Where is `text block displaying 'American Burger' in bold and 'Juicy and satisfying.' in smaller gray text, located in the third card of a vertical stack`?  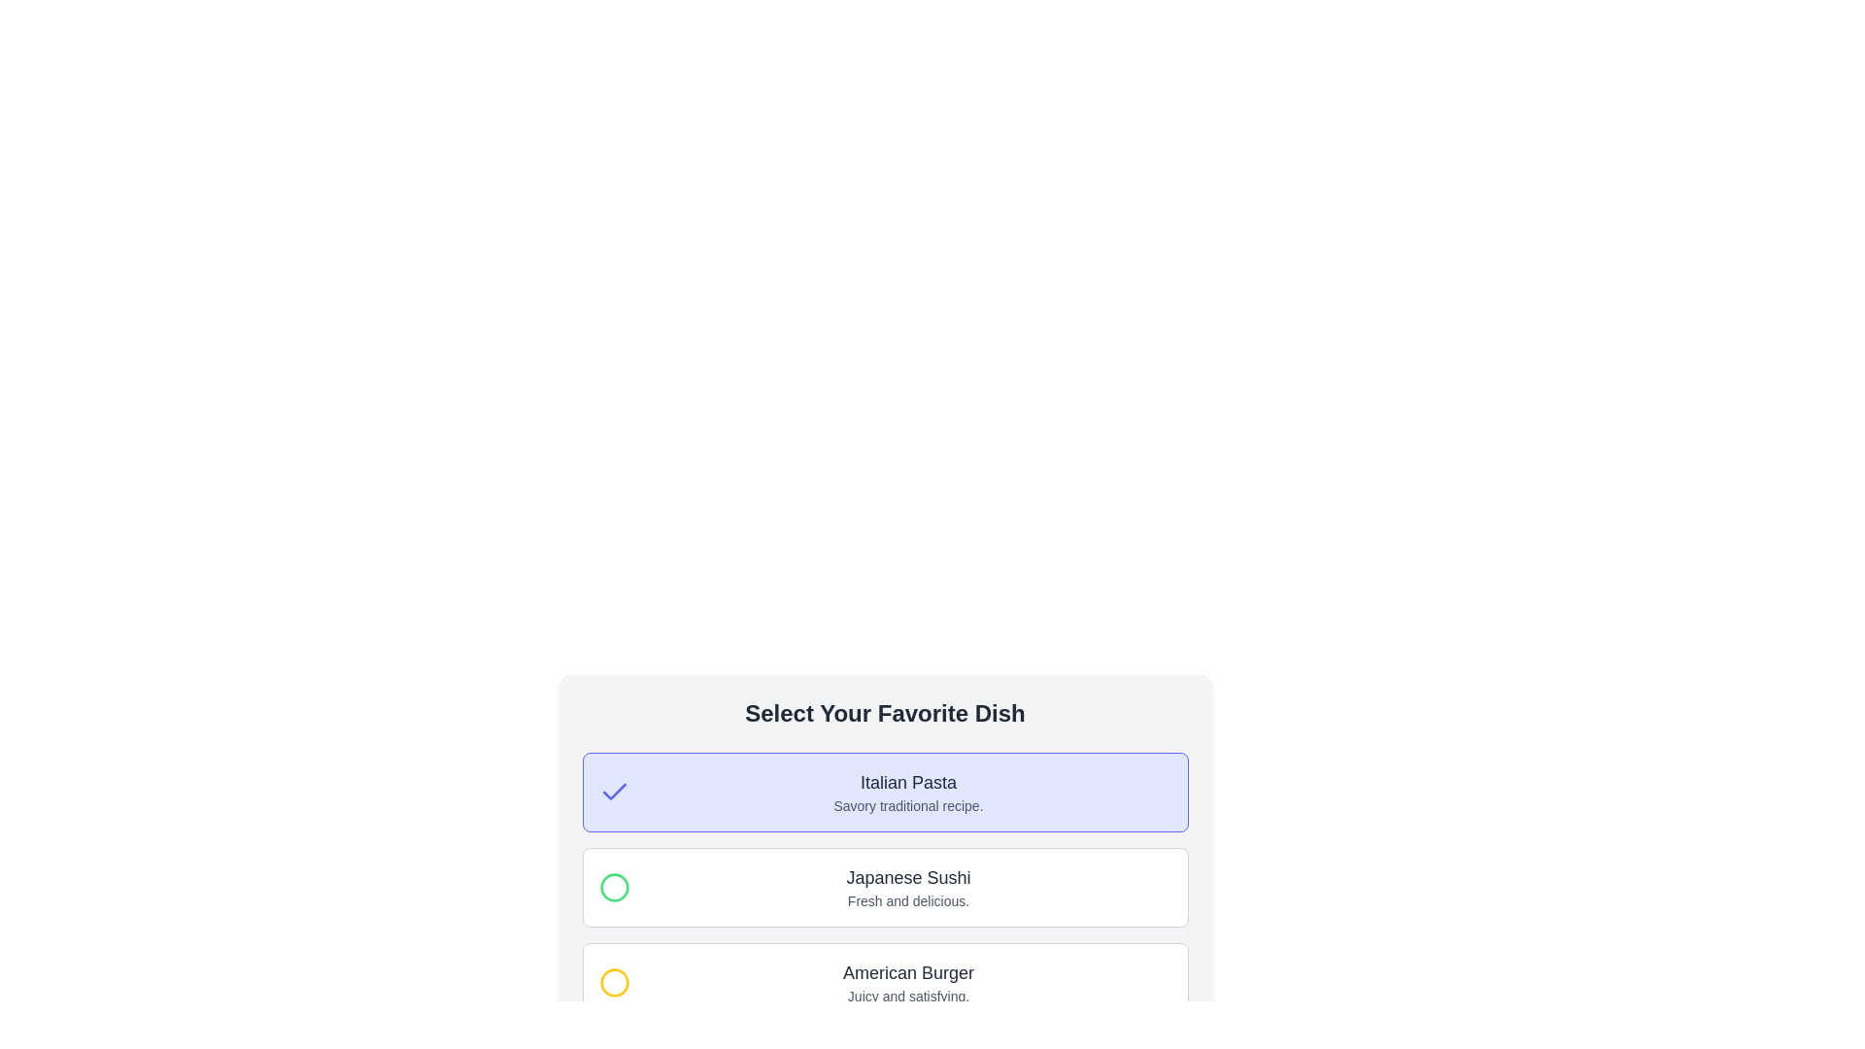
text block displaying 'American Burger' in bold and 'Juicy and satisfying.' in smaller gray text, located in the third card of a vertical stack is located at coordinates (907, 982).